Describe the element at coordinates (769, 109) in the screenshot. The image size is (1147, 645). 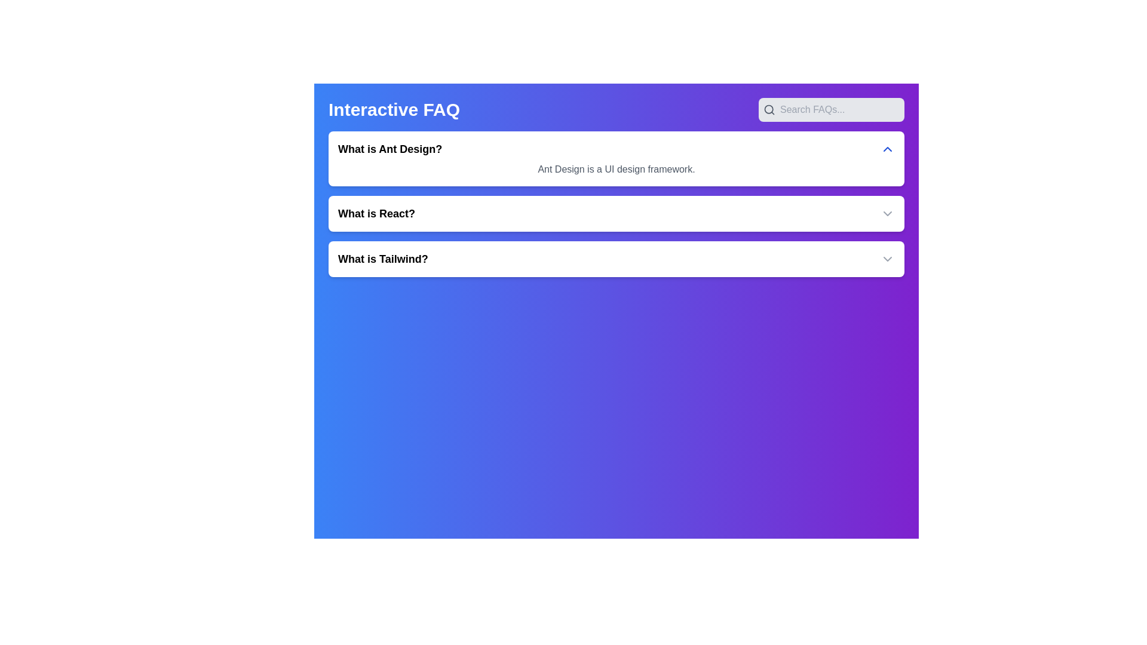
I see `the central circular component of the search icon located in the top-right corner of the interface, next to the search text box` at that location.